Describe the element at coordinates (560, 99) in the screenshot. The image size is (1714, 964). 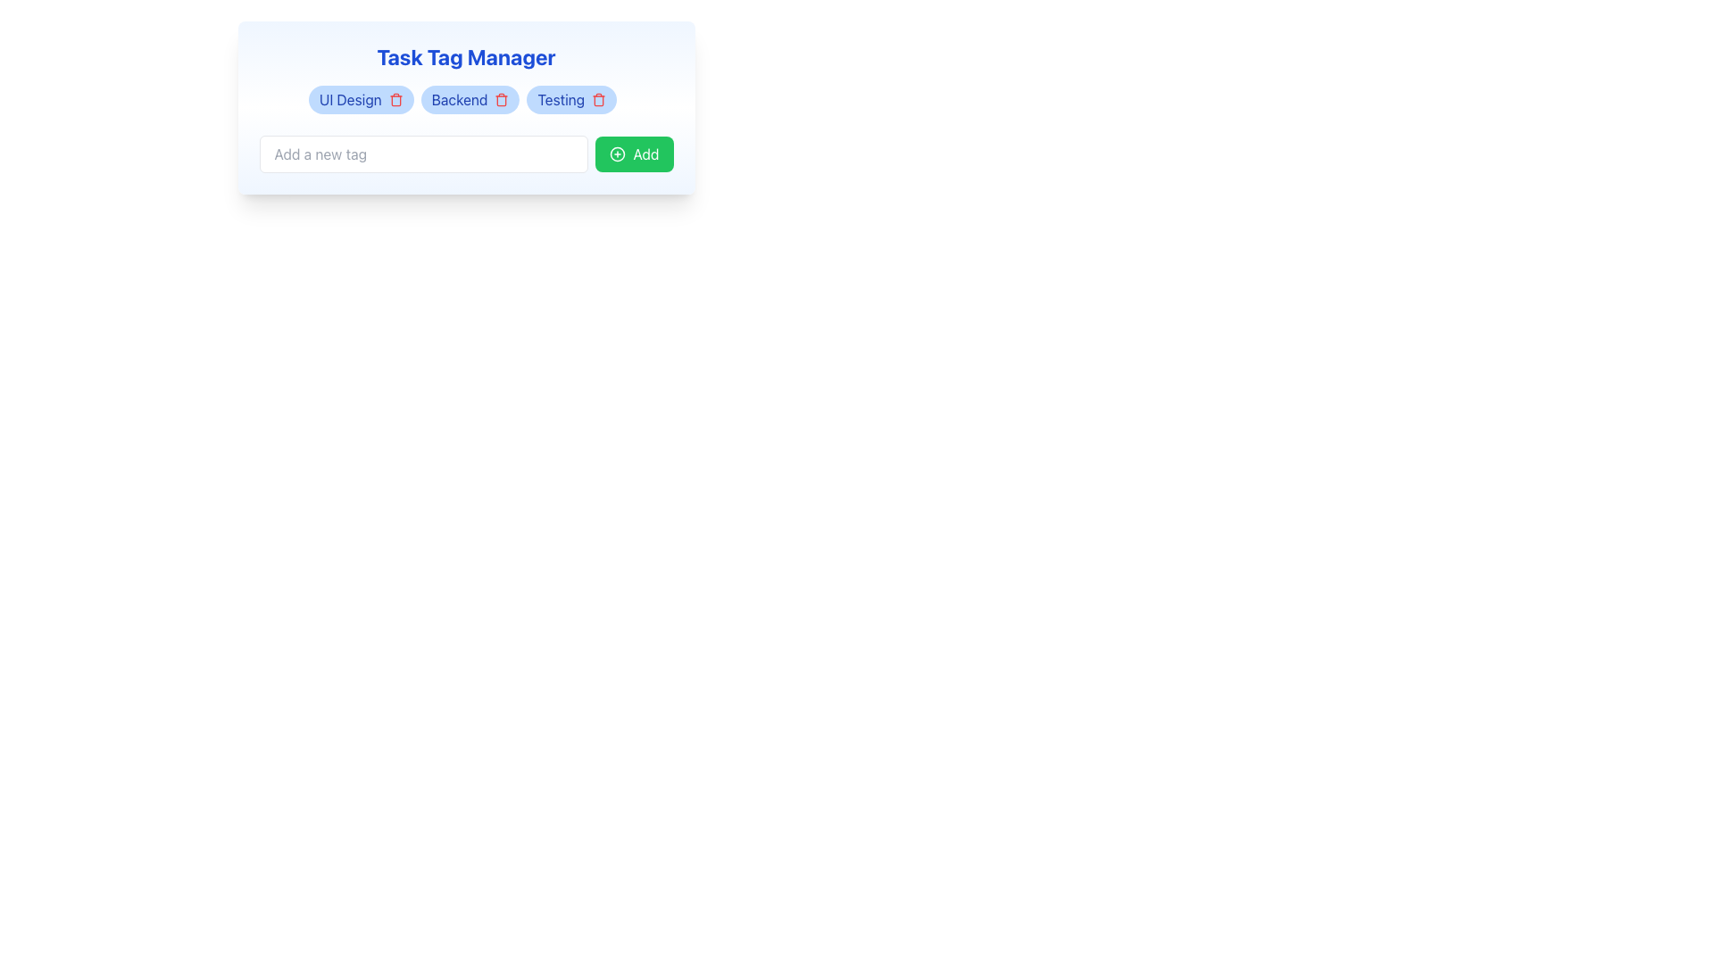
I see `the text label of the third tag component` at that location.